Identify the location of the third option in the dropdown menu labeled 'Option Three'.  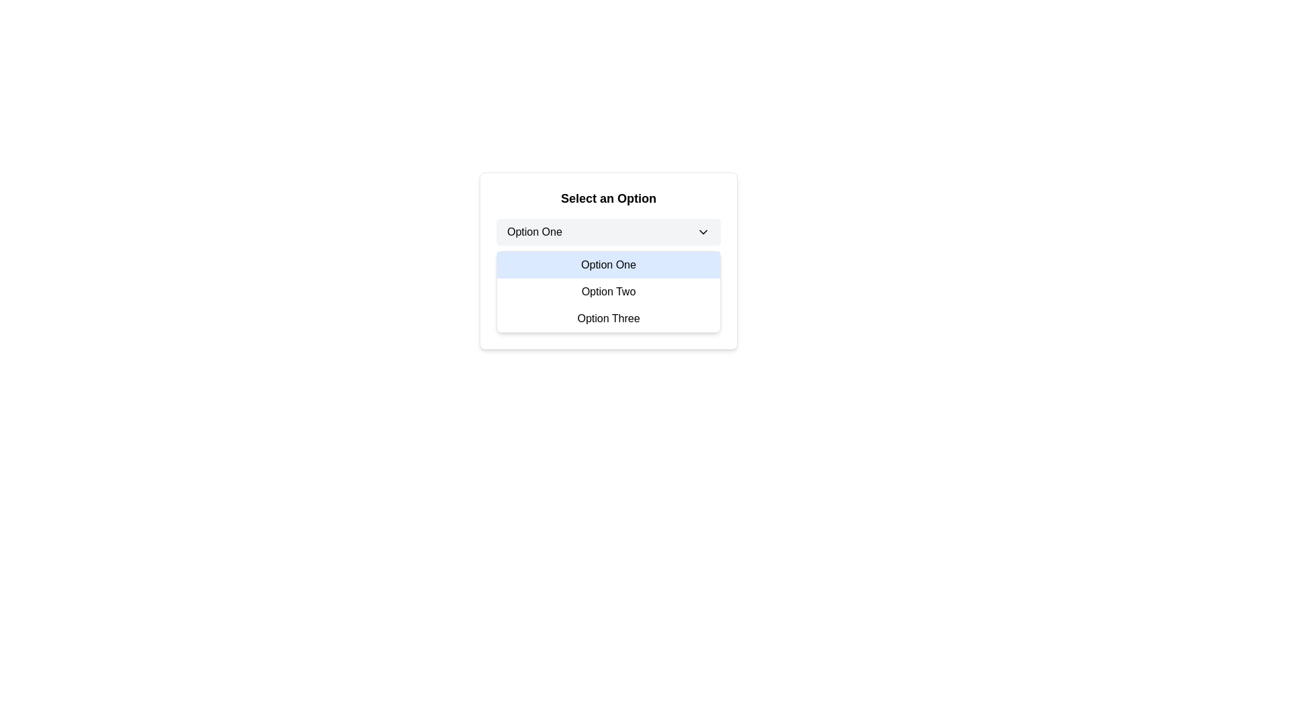
(608, 318).